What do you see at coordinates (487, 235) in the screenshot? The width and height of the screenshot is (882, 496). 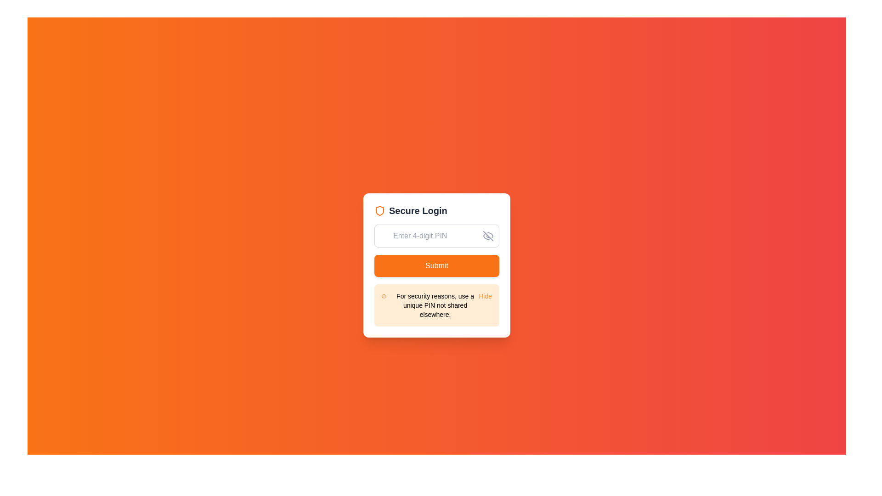 I see `the diagonal line element within the 'eye-off' SVG icon, which is part of the login form near the PIN entry field` at bounding box center [487, 235].